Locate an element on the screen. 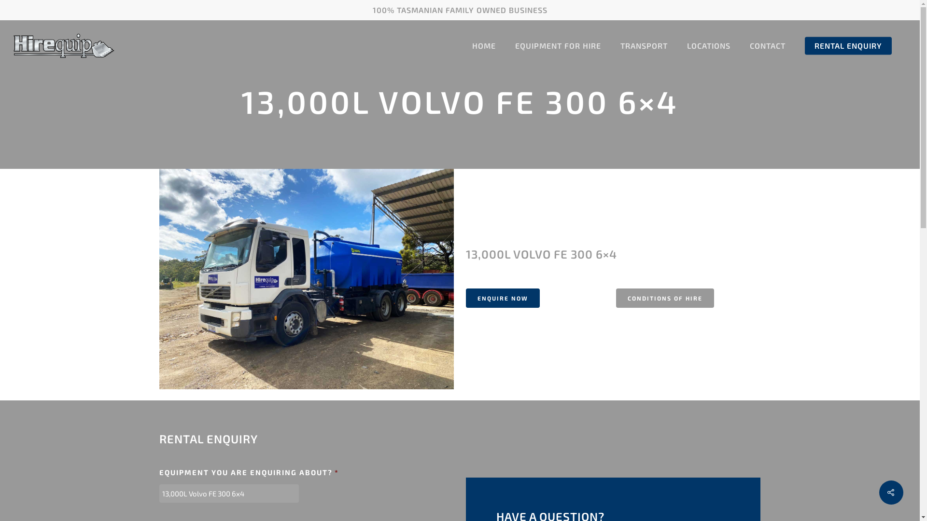  'CONDITIONS OF HIRE' is located at coordinates (664, 297).